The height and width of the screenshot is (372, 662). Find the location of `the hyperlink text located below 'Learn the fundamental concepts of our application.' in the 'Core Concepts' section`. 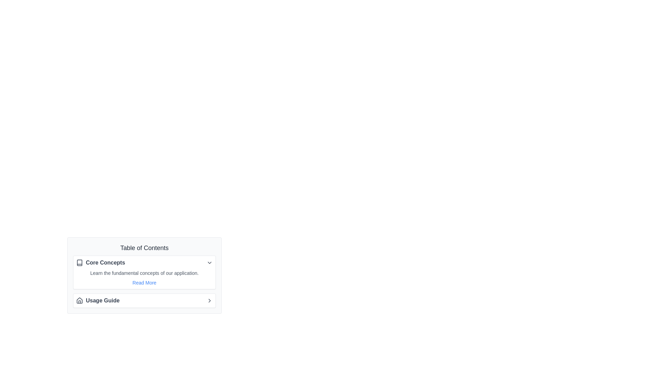

the hyperlink text located below 'Learn the fundamental concepts of our application.' in the 'Core Concepts' section is located at coordinates (144, 283).